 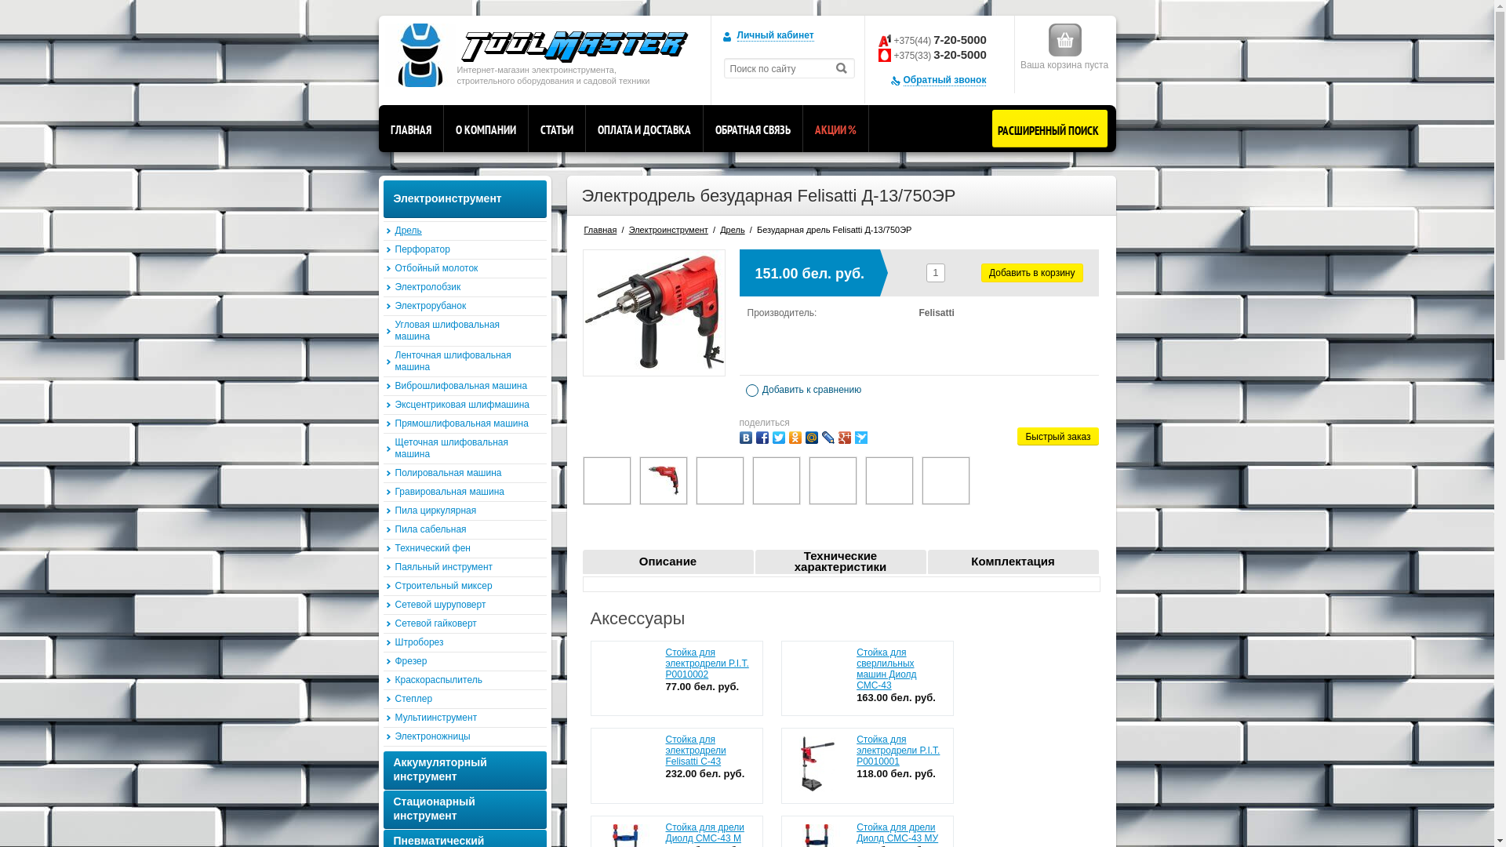 What do you see at coordinates (778, 438) in the screenshot?
I see `'Twitter'` at bounding box center [778, 438].